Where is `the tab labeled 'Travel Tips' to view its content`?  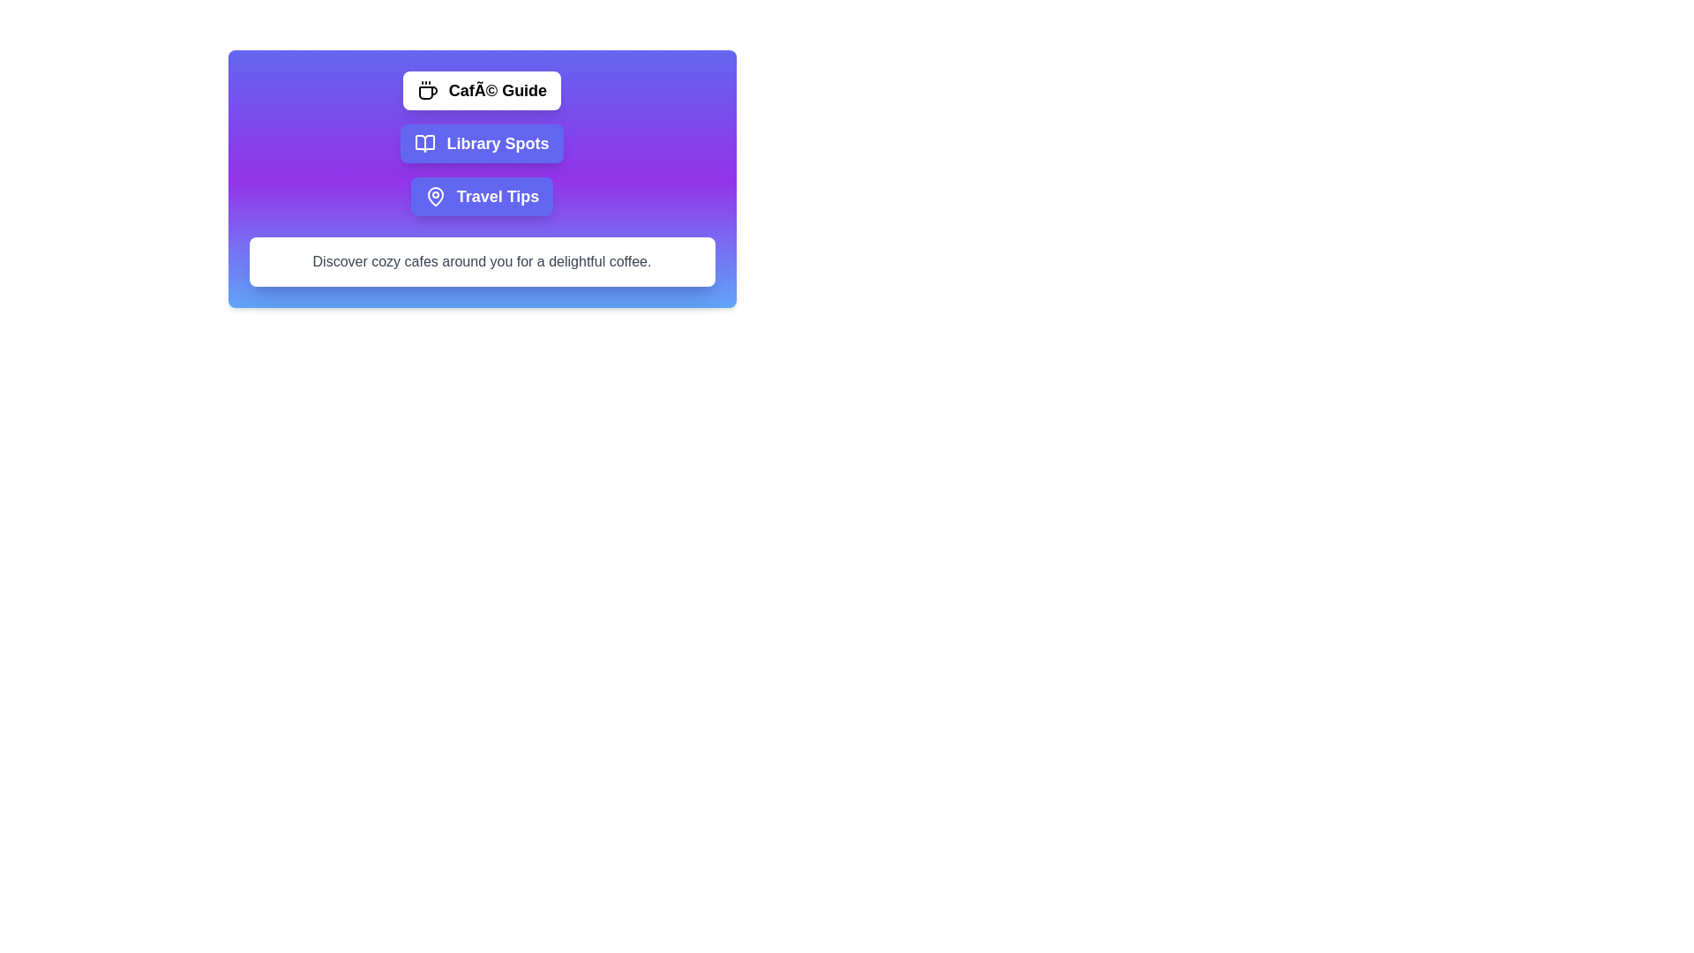
the tab labeled 'Travel Tips' to view its content is located at coordinates (482, 197).